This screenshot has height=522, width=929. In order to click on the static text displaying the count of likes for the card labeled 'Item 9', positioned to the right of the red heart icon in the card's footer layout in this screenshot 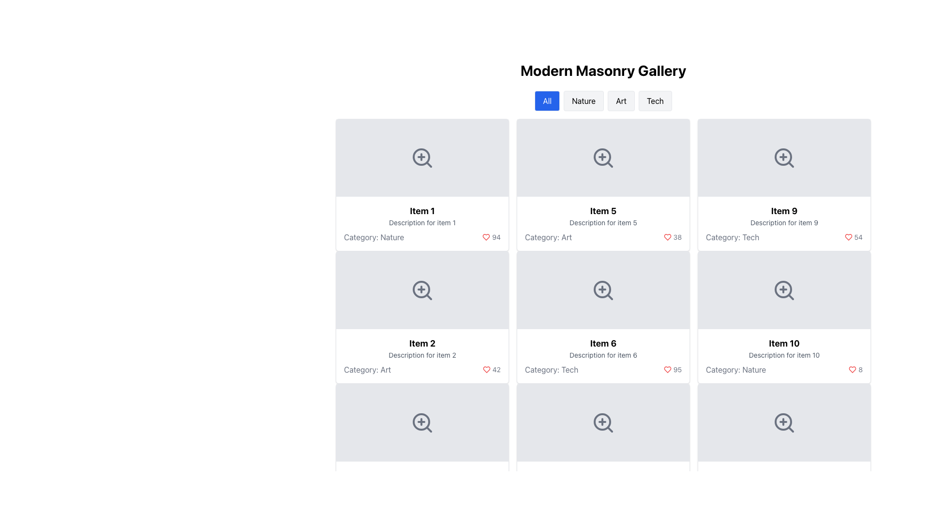, I will do `click(858, 237)`.